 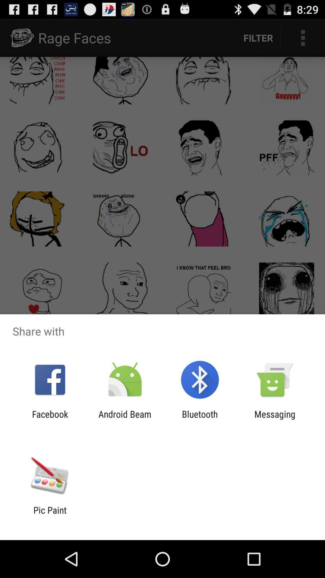 What do you see at coordinates (125, 419) in the screenshot?
I see `the icon to the left of bluetooth app` at bounding box center [125, 419].